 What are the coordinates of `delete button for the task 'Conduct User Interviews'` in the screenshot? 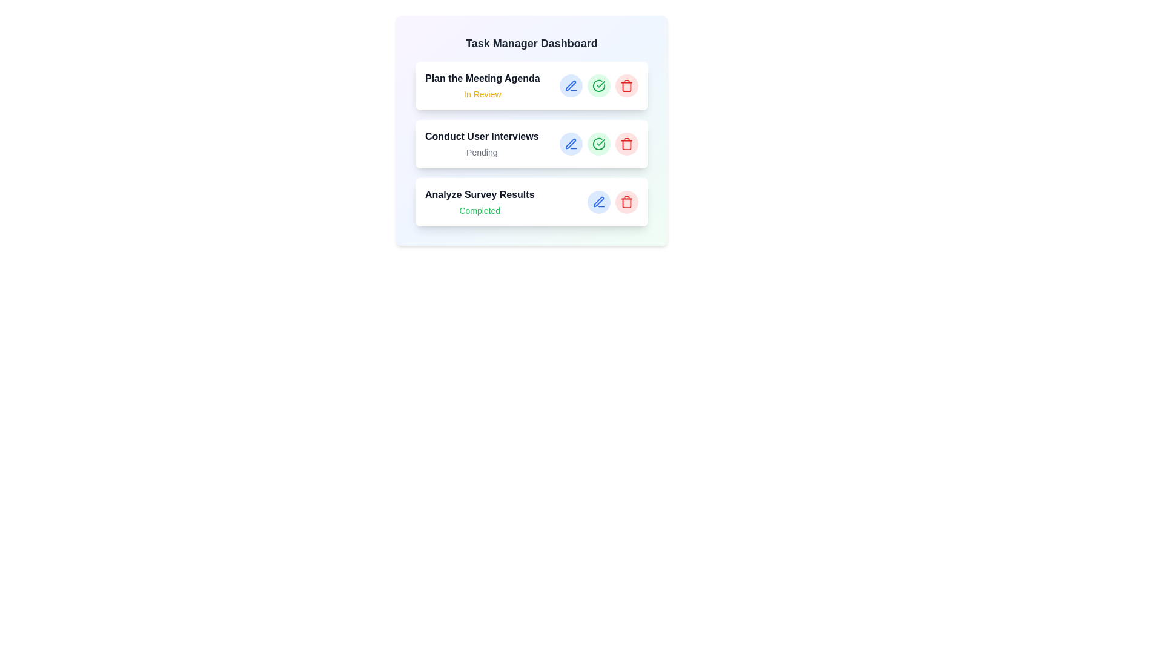 It's located at (627, 144).